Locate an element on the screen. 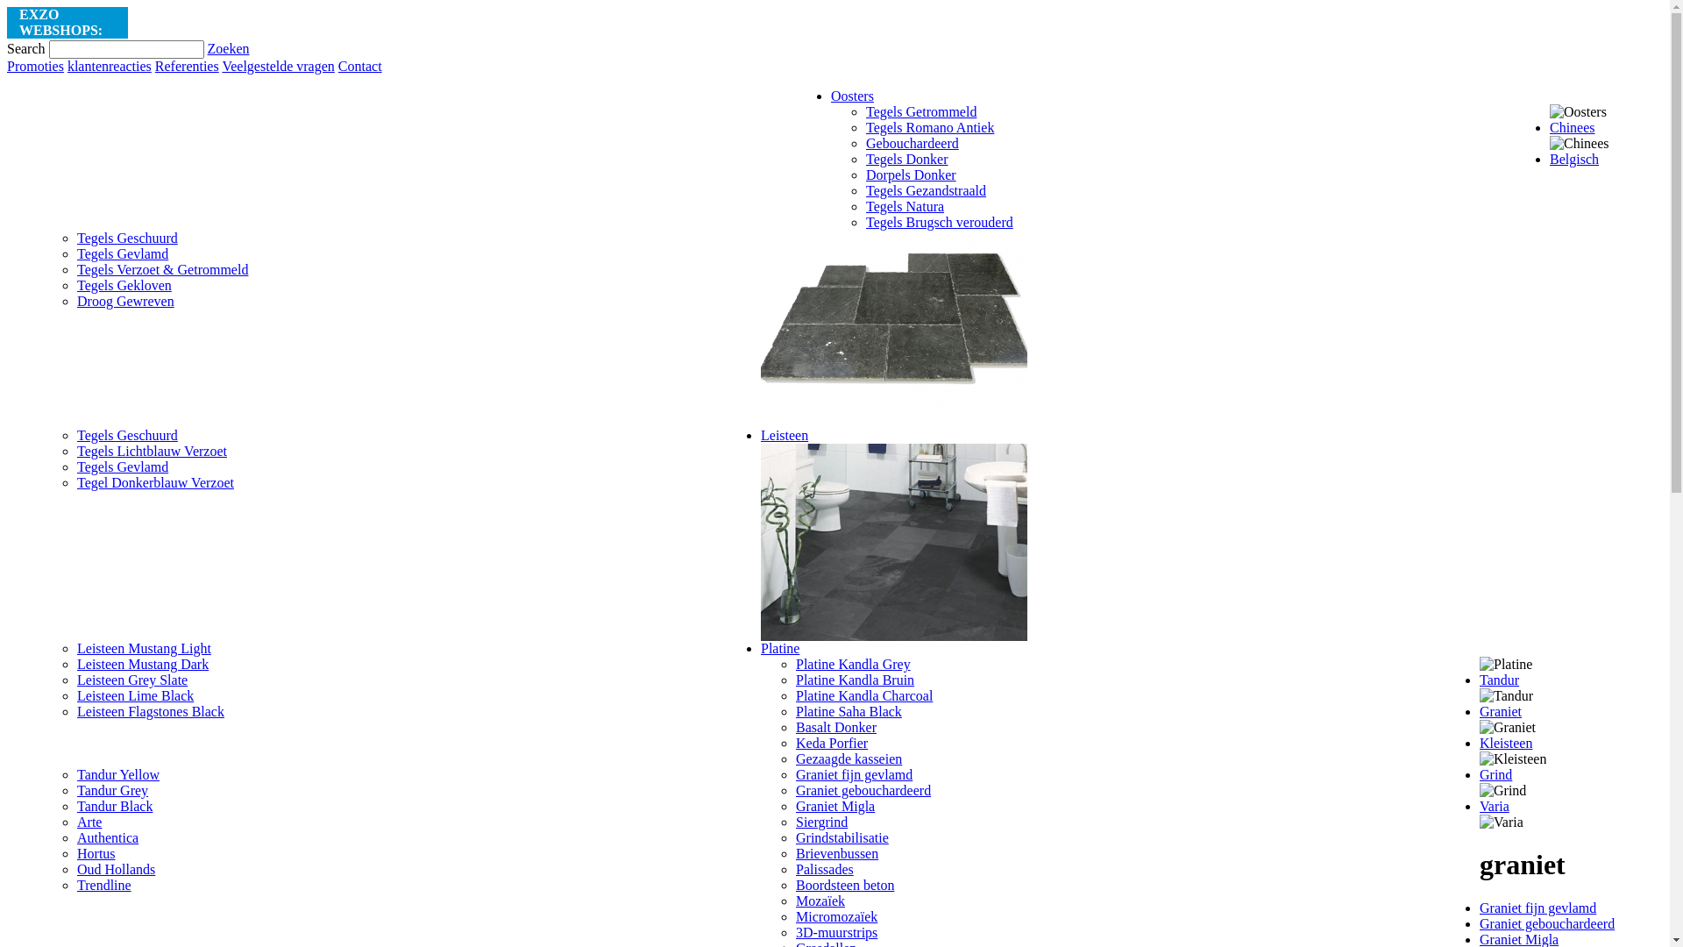 The image size is (1683, 947). 'Tegels Gevlamd' is located at coordinates (75, 466).